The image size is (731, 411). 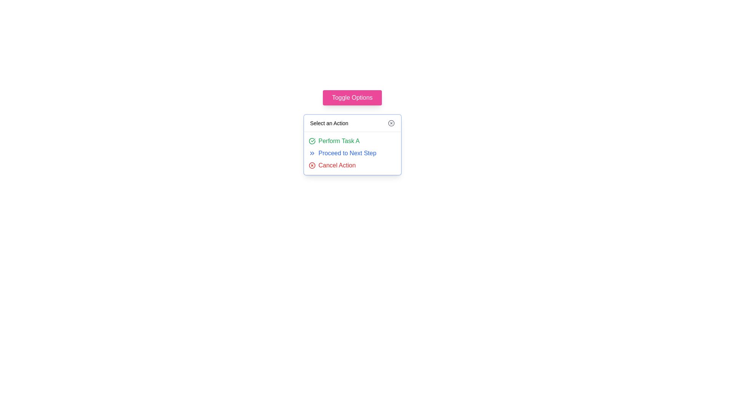 What do you see at coordinates (352, 141) in the screenshot?
I see `the clickable text with a decorative icon representing 'Task A'` at bounding box center [352, 141].